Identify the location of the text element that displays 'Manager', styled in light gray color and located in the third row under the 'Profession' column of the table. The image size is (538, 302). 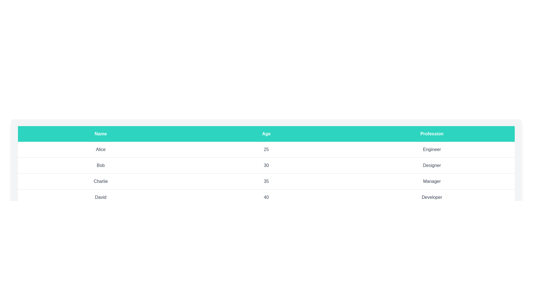
(432, 181).